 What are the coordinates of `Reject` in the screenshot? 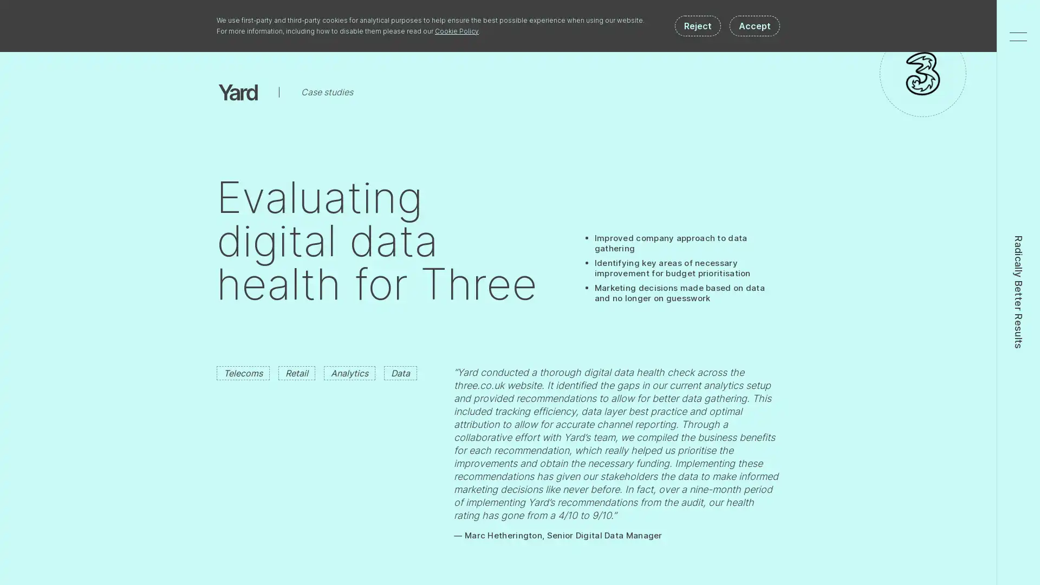 It's located at (698, 25).